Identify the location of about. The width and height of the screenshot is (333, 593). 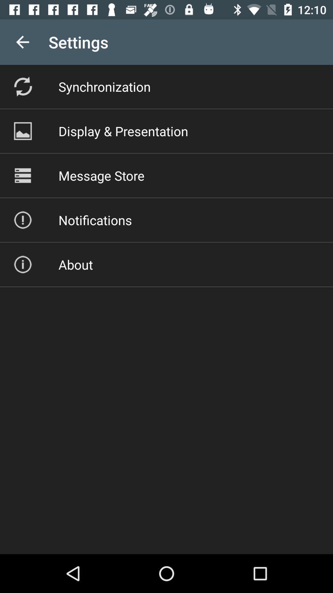
(75, 264).